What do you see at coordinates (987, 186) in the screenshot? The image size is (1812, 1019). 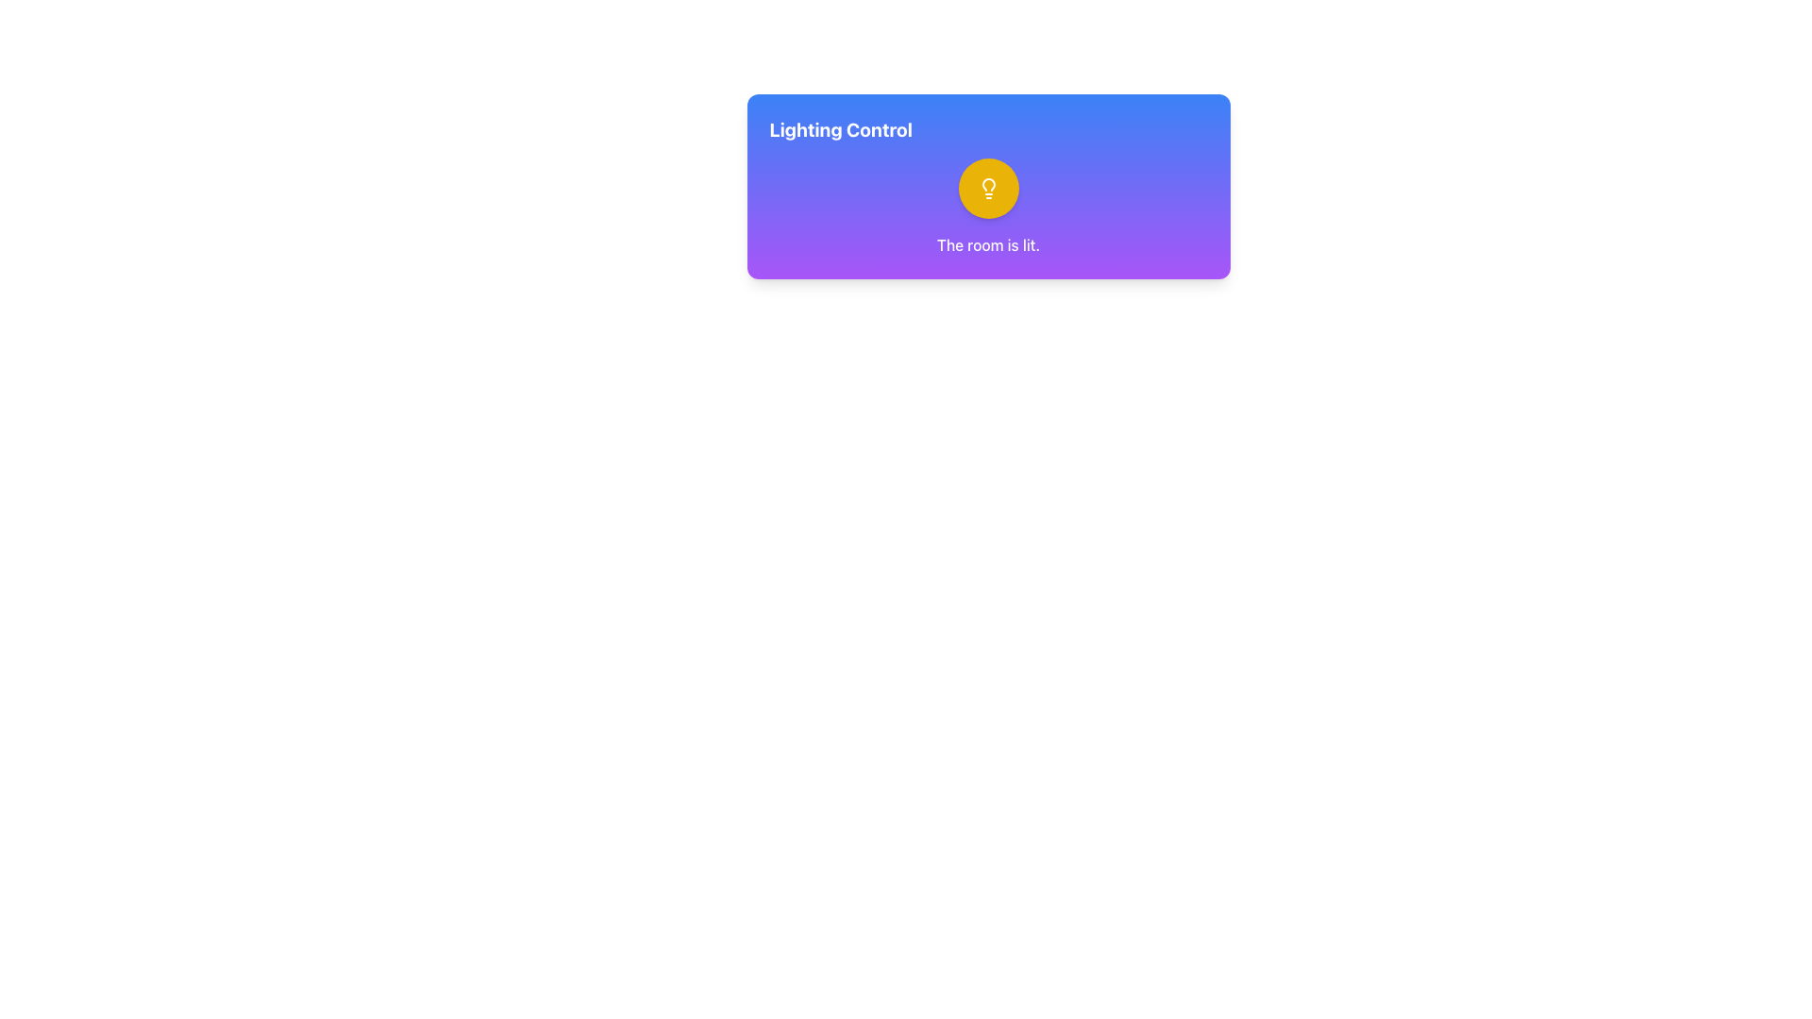 I see `the Informational Panel titled 'Lighting Control', which features a yellow circular light bulb icon and descriptive text 'The room is lit.'` at bounding box center [987, 186].